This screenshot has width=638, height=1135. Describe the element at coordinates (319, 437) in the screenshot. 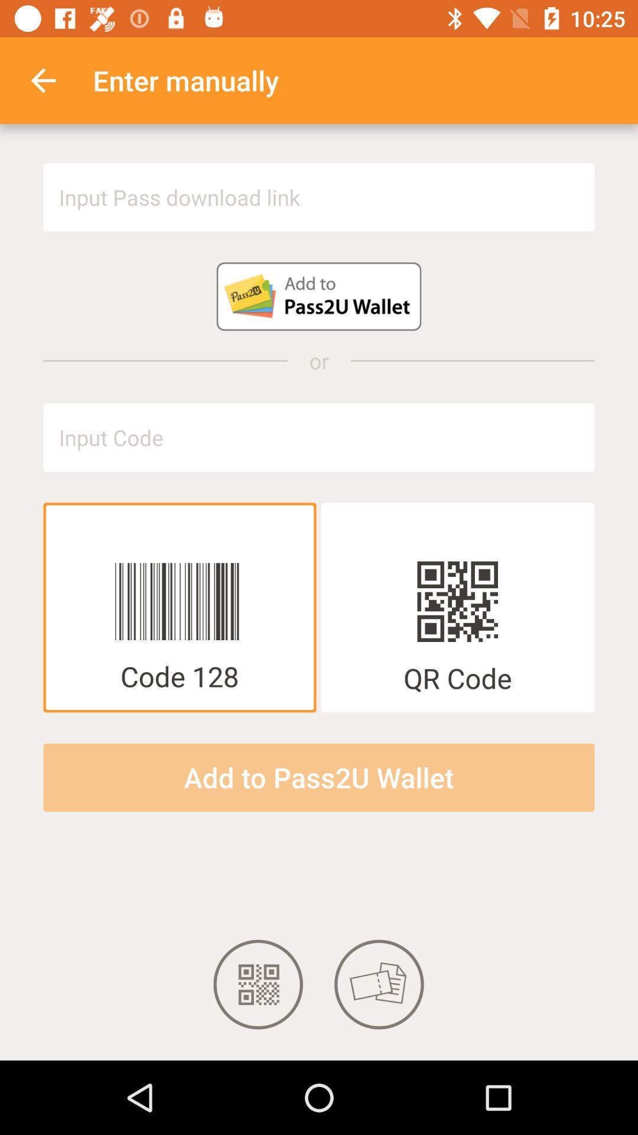

I see `the input code` at that location.